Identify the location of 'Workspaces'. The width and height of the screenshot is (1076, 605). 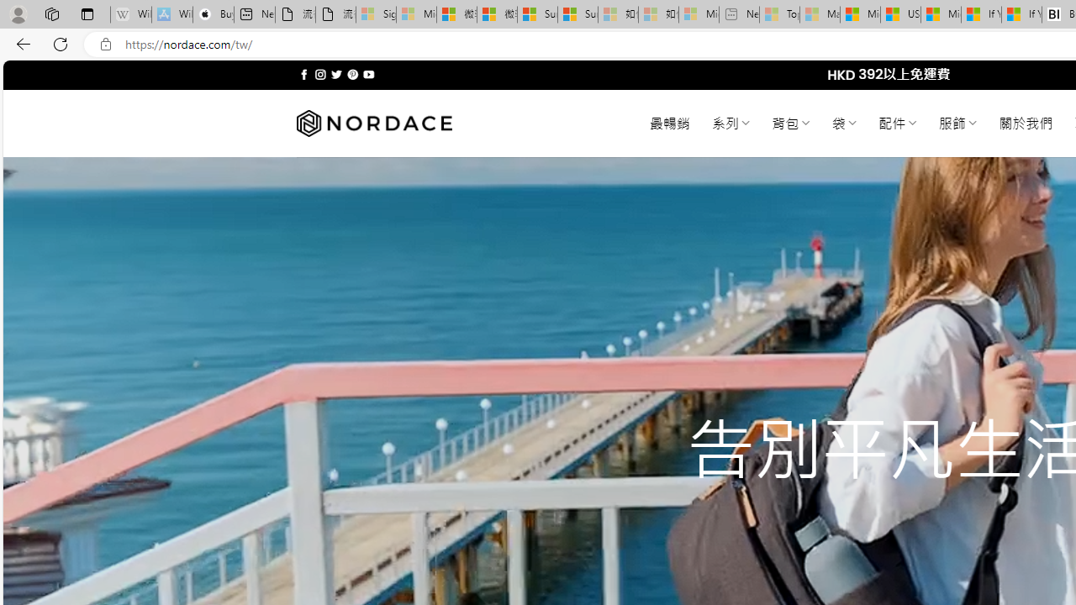
(51, 13).